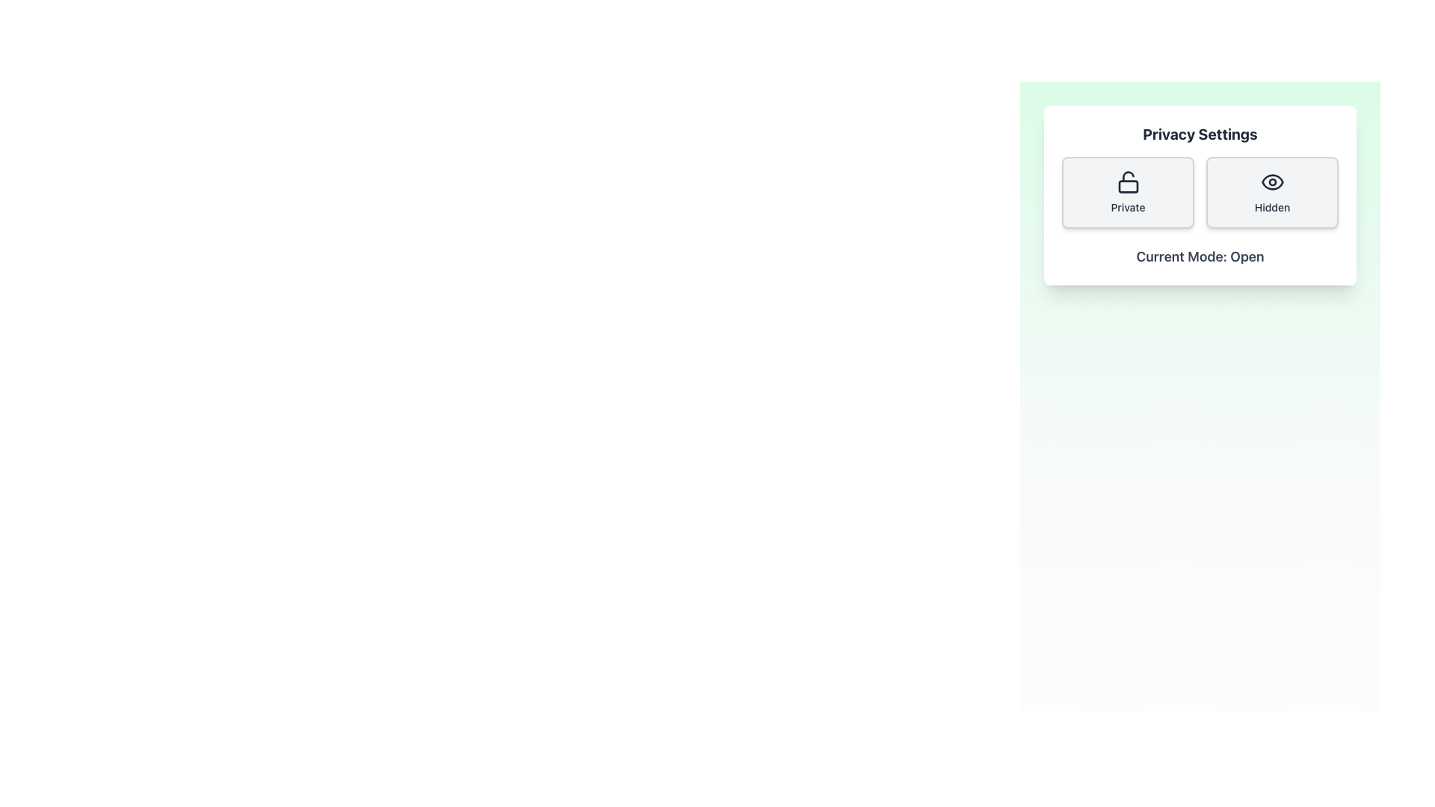 The image size is (1435, 807). What do you see at coordinates (1271, 181) in the screenshot?
I see `the 'Hidden' privacy mode icon located within the privacy settings interface, which is represented by a rectangular button labeled 'Hidden'` at bounding box center [1271, 181].